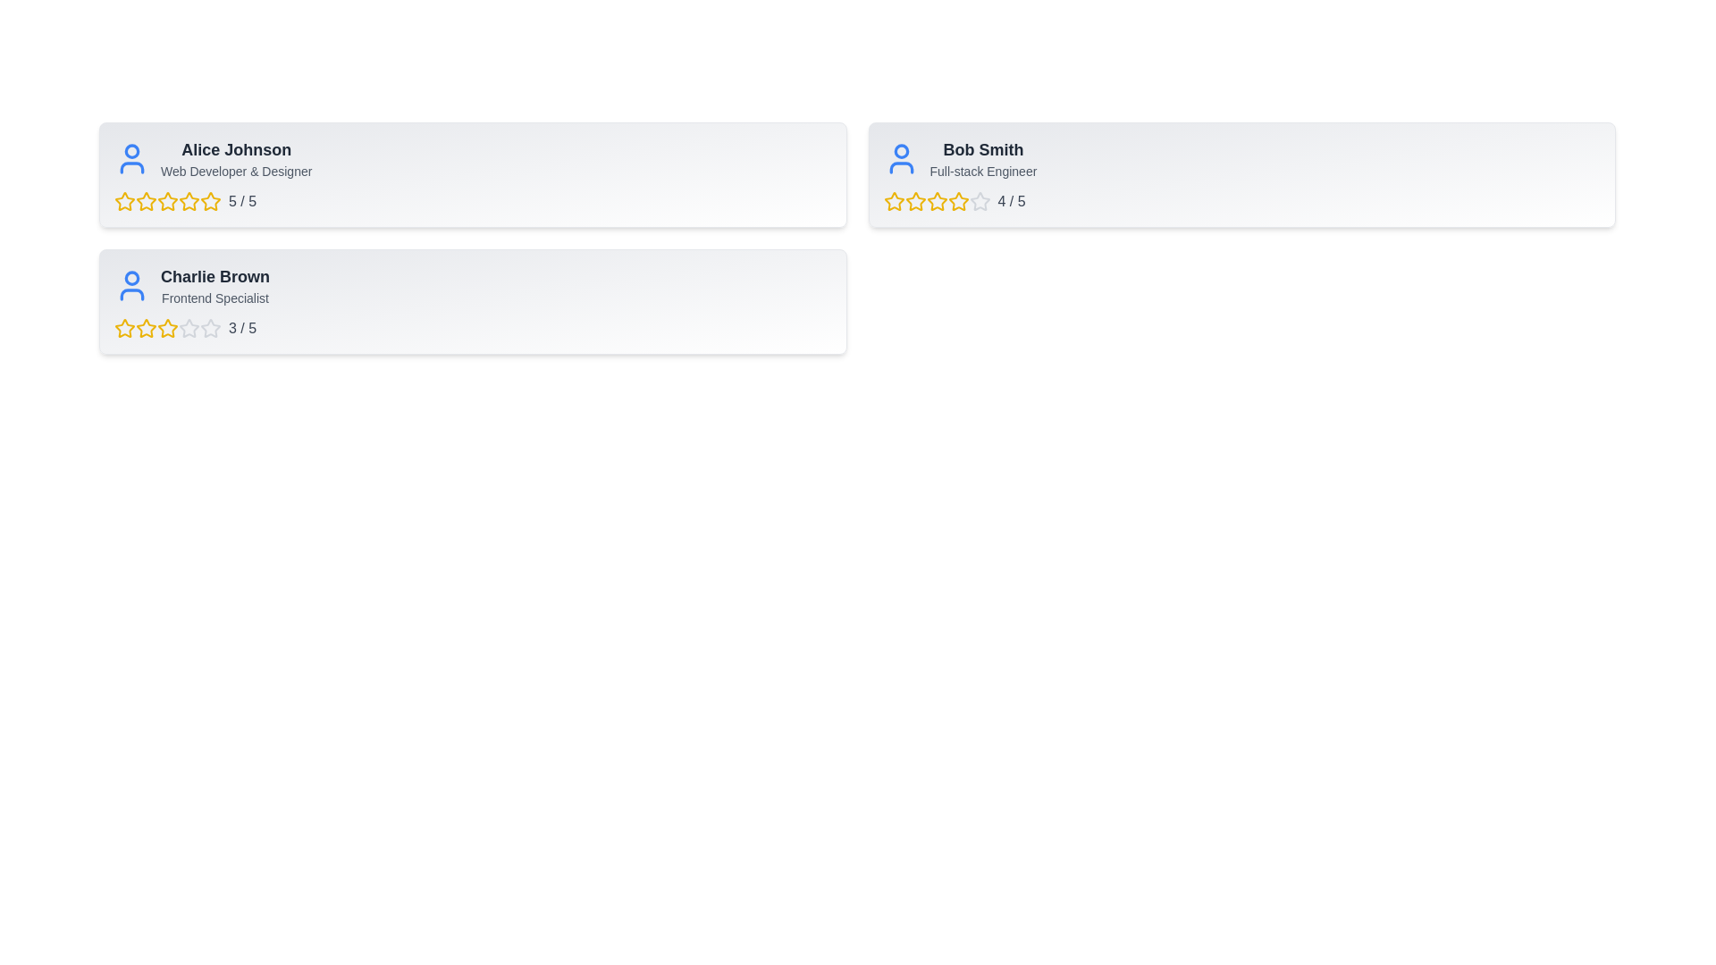  Describe the element at coordinates (235, 172) in the screenshot. I see `the biography of the user Alice Johnson` at that location.